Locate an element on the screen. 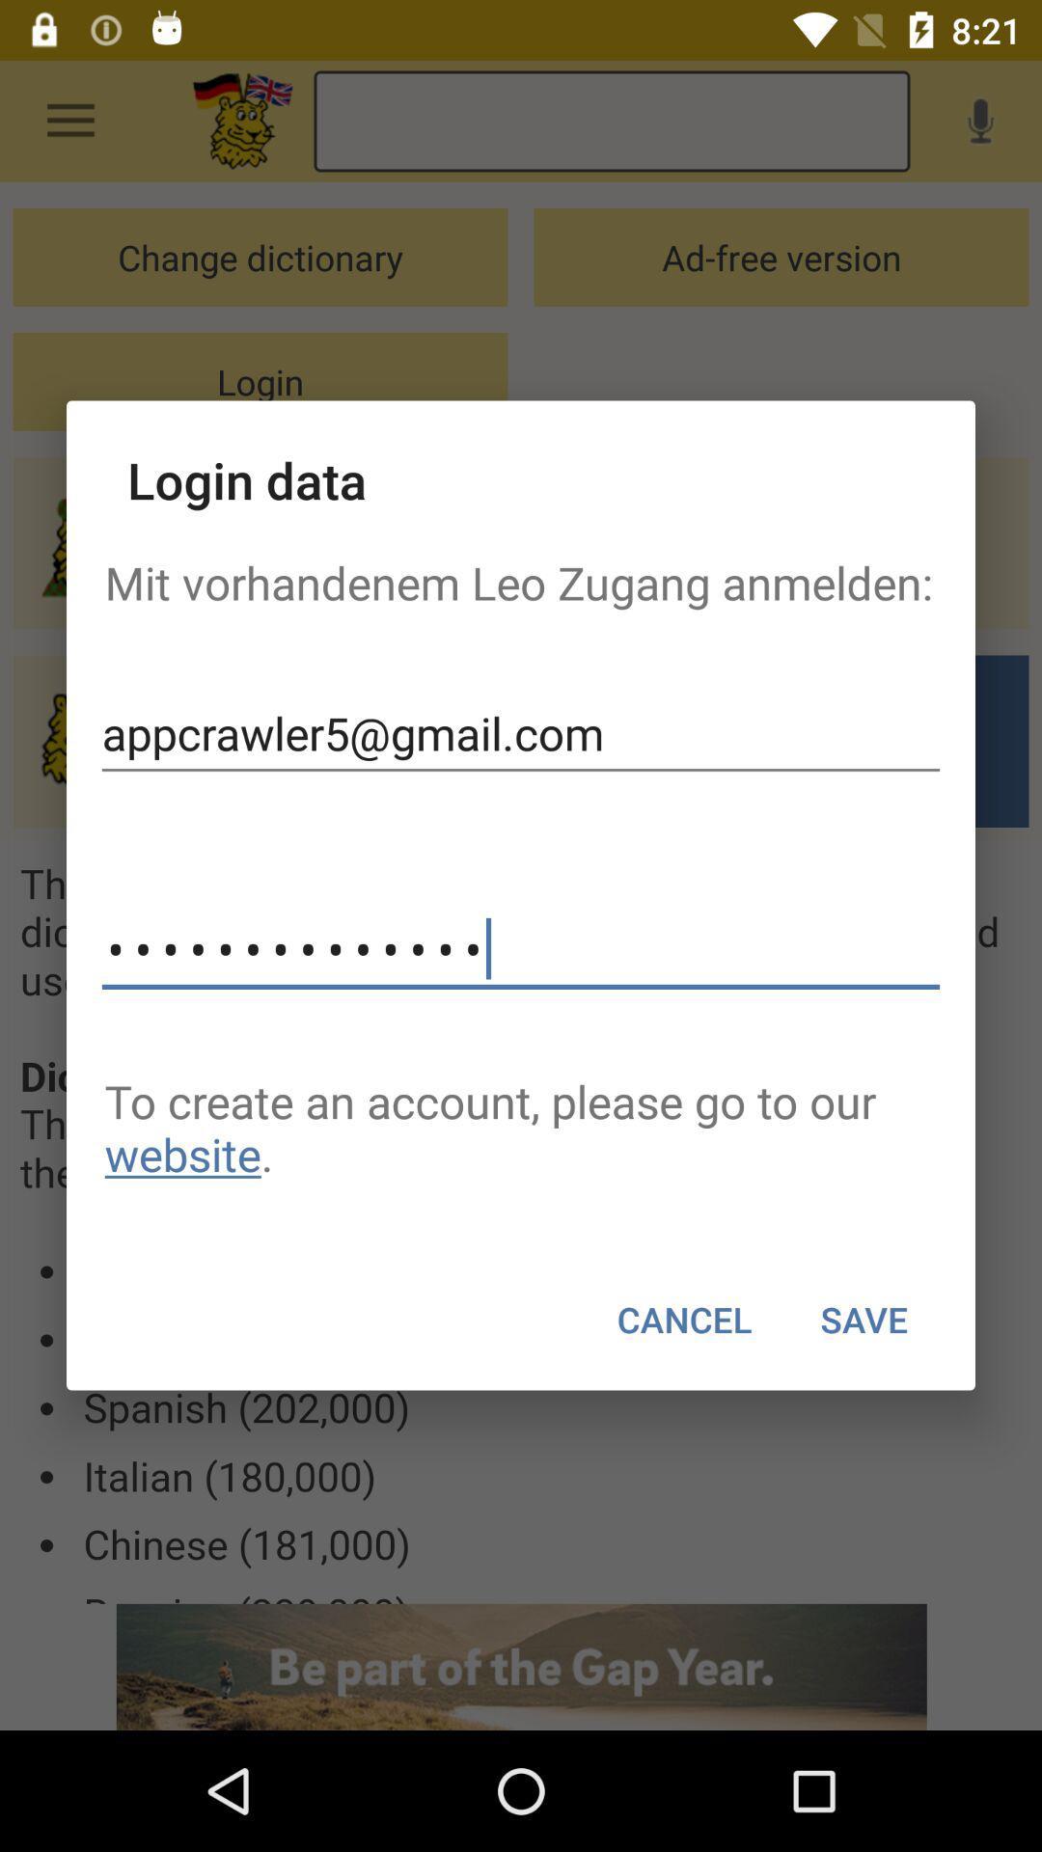 This screenshot has height=1852, width=1042. item above the appcrawler3116 is located at coordinates (521, 733).